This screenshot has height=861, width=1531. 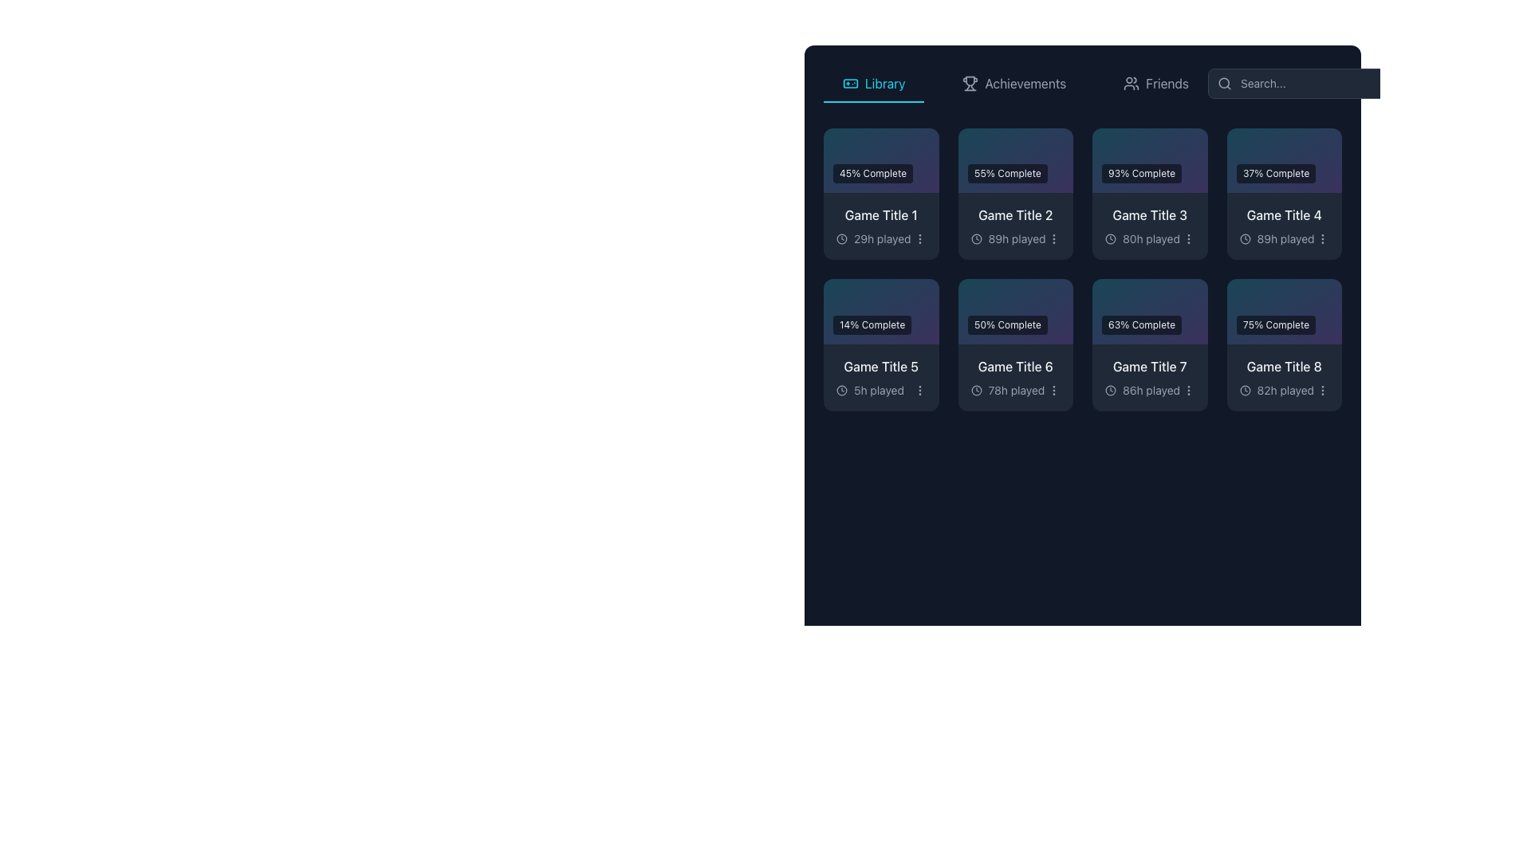 I want to click on the clock icon representing 82 hours played, which is located to the left of the text '82h played' in the second row of the grid layout for 'Game Title 8', so click(x=1244, y=390).